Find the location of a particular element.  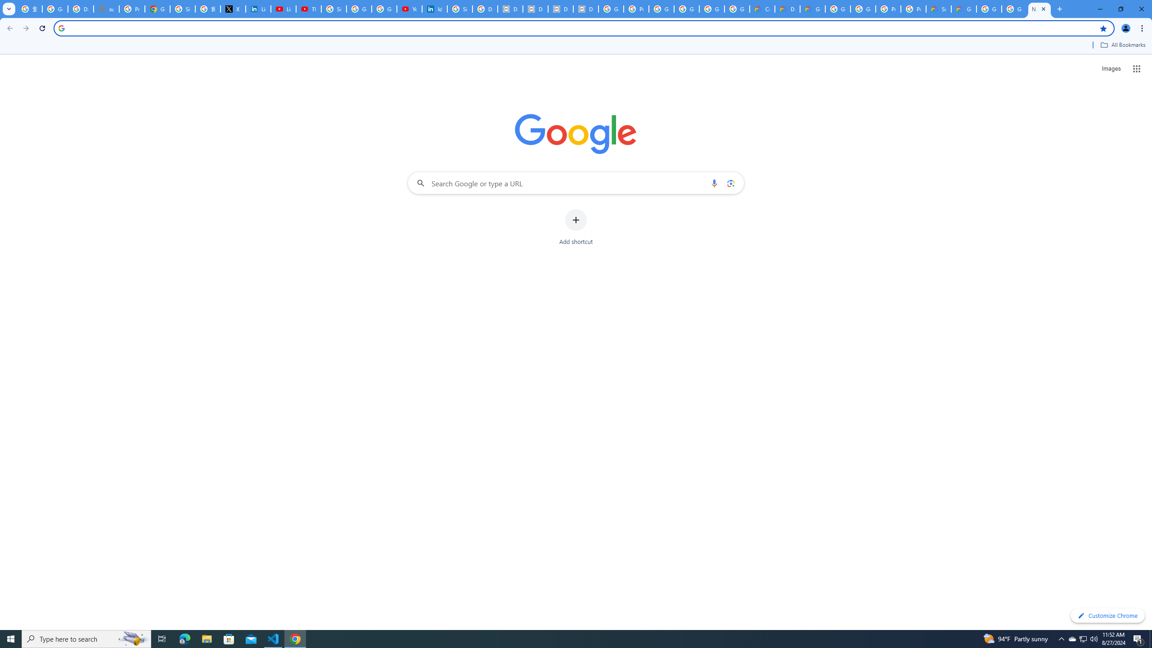

'Support Hub | Google Cloud' is located at coordinates (938, 9).